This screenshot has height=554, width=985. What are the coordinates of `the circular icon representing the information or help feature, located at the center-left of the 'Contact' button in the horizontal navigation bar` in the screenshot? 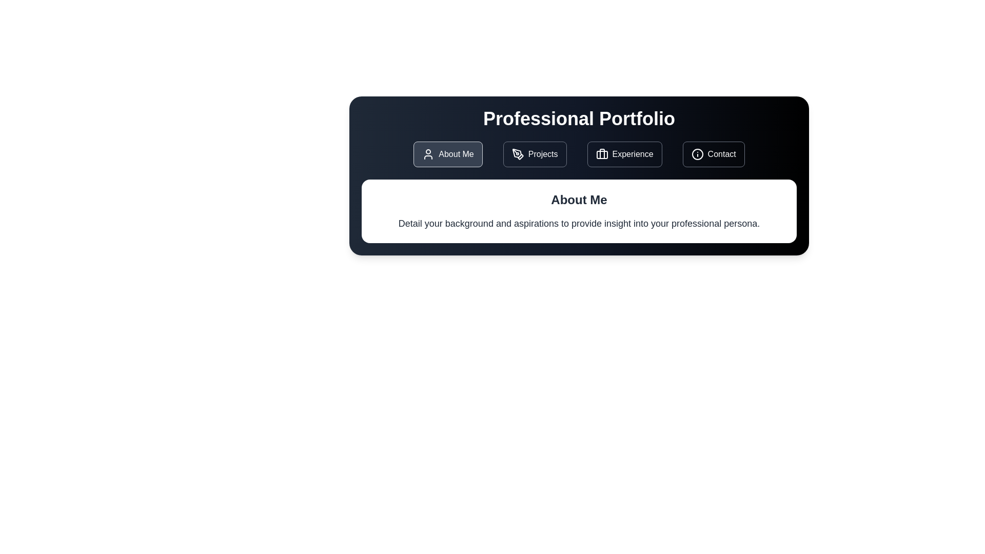 It's located at (697, 154).